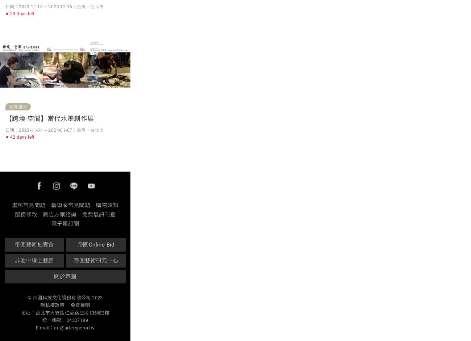 The height and width of the screenshot is (341, 471). I want to click on 'Having just graduated from The Chinese University of Hong Kong with a Master’s degree, Cheuk is already an experienced exhibitor and frequent aware winner. She has exhibited and worked extensively internationally, including South Korea, Taipei, Beijing and Zhejiang. Her lively and meticulous depictions of animals are well received by collectors and the art market.', so click(65, 243).